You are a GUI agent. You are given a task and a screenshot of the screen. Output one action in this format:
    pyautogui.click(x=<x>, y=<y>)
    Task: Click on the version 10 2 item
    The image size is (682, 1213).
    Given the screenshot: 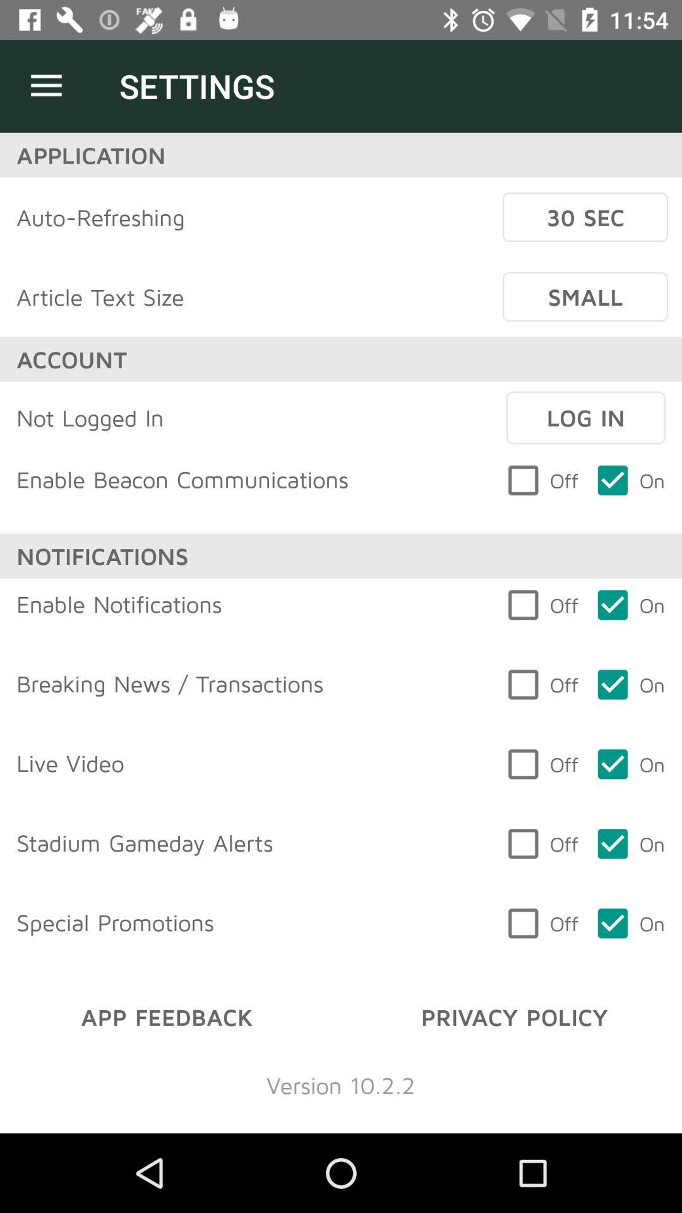 What is the action you would take?
    pyautogui.click(x=340, y=1084)
    